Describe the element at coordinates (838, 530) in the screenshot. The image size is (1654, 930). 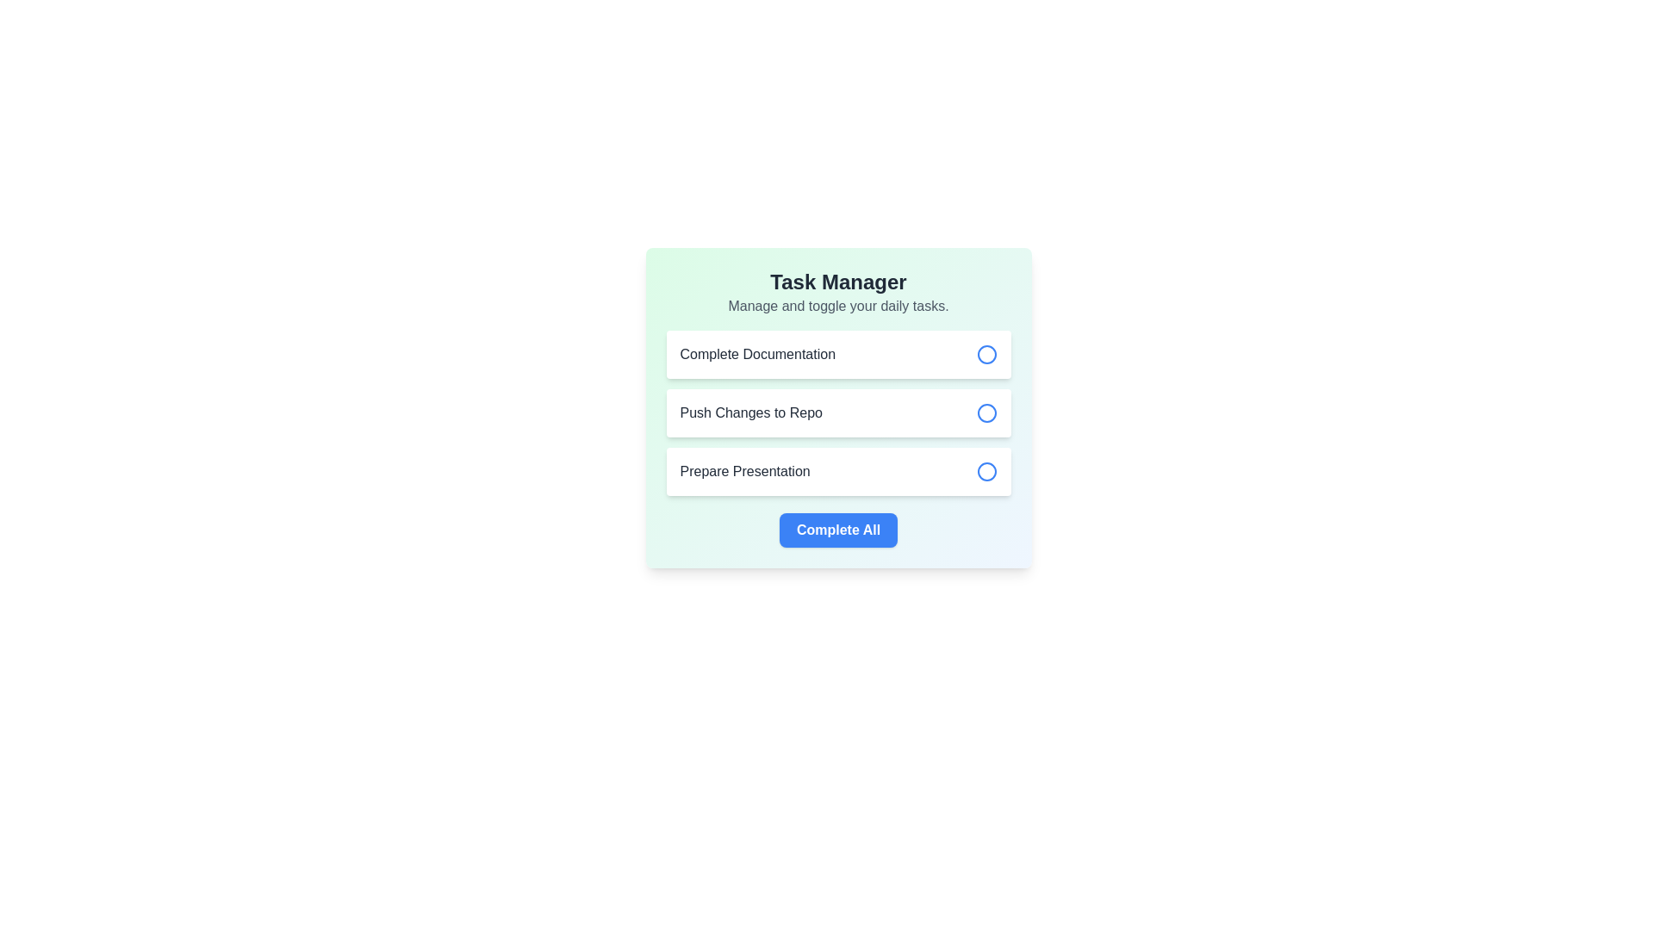
I see `the completion button located at the center of the task management interface to observe the background color change` at that location.